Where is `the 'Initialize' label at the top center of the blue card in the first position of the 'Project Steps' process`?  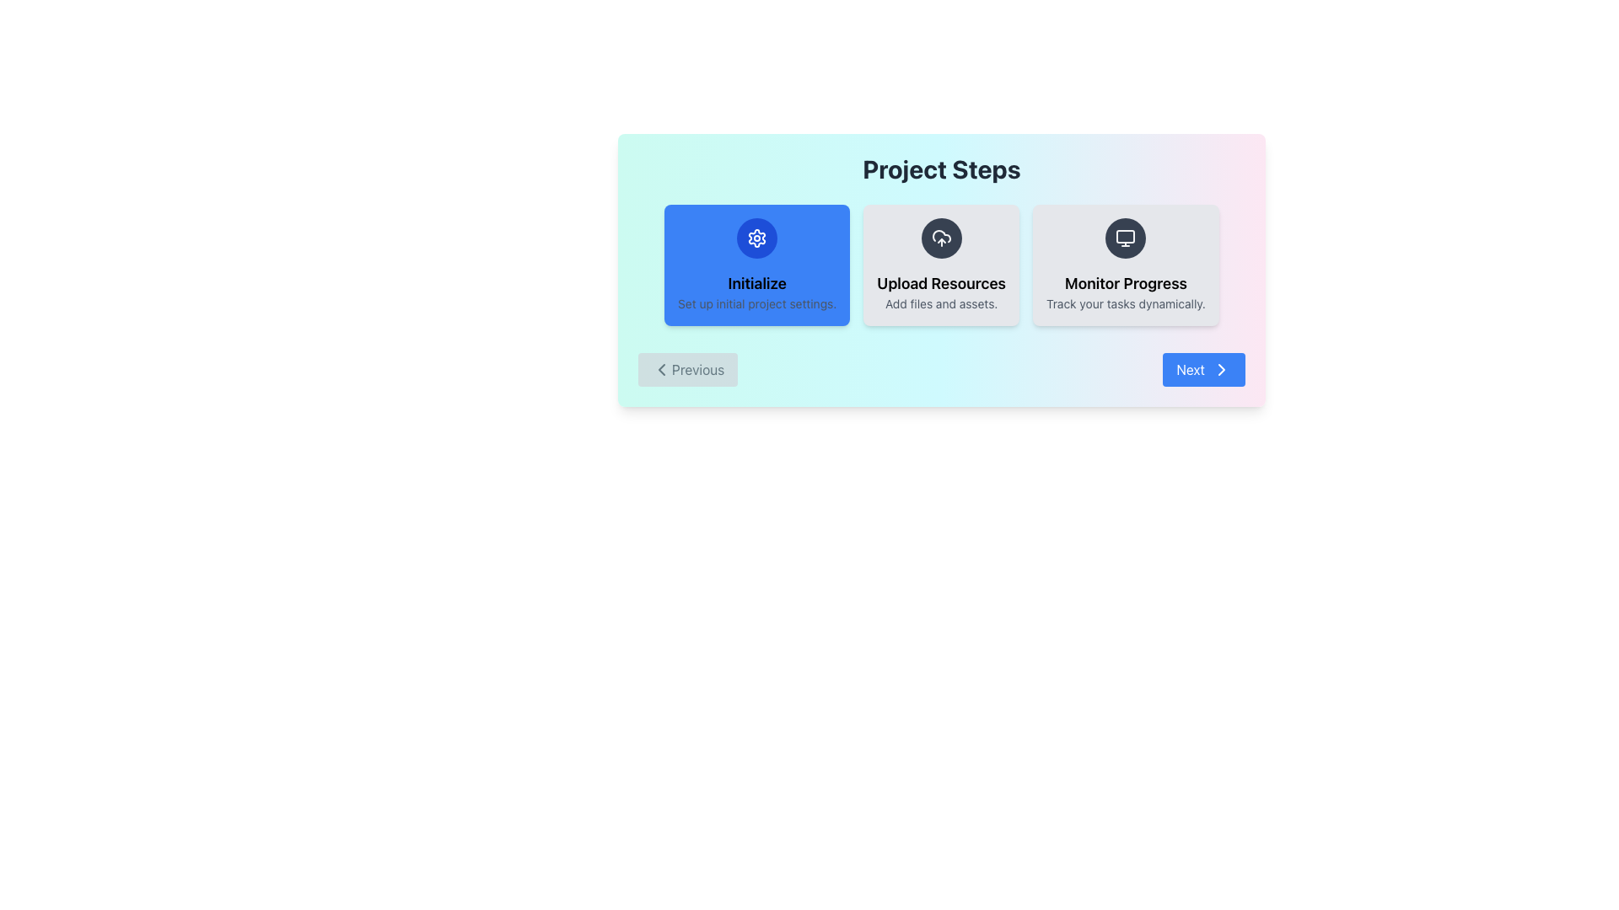 the 'Initialize' label at the top center of the blue card in the first position of the 'Project Steps' process is located at coordinates (756, 282).